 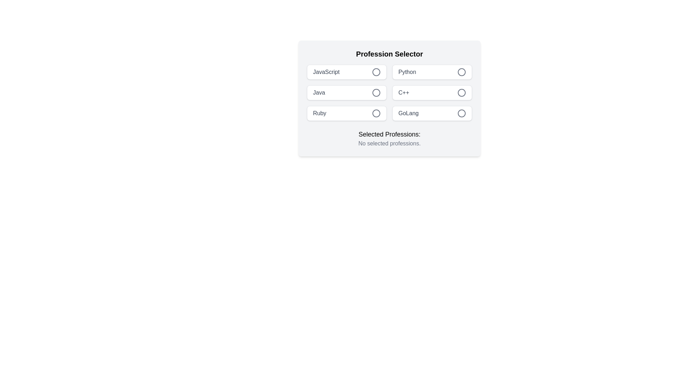 I want to click on the 'JavaScript' text label, which is the first item in its selection menu and is part of a grid-like structure, so click(x=326, y=72).